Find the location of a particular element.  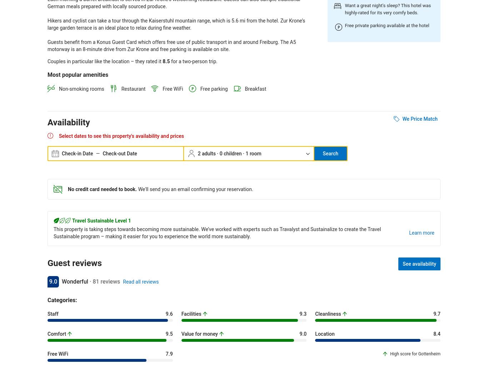

'8.4' is located at coordinates (437, 334).